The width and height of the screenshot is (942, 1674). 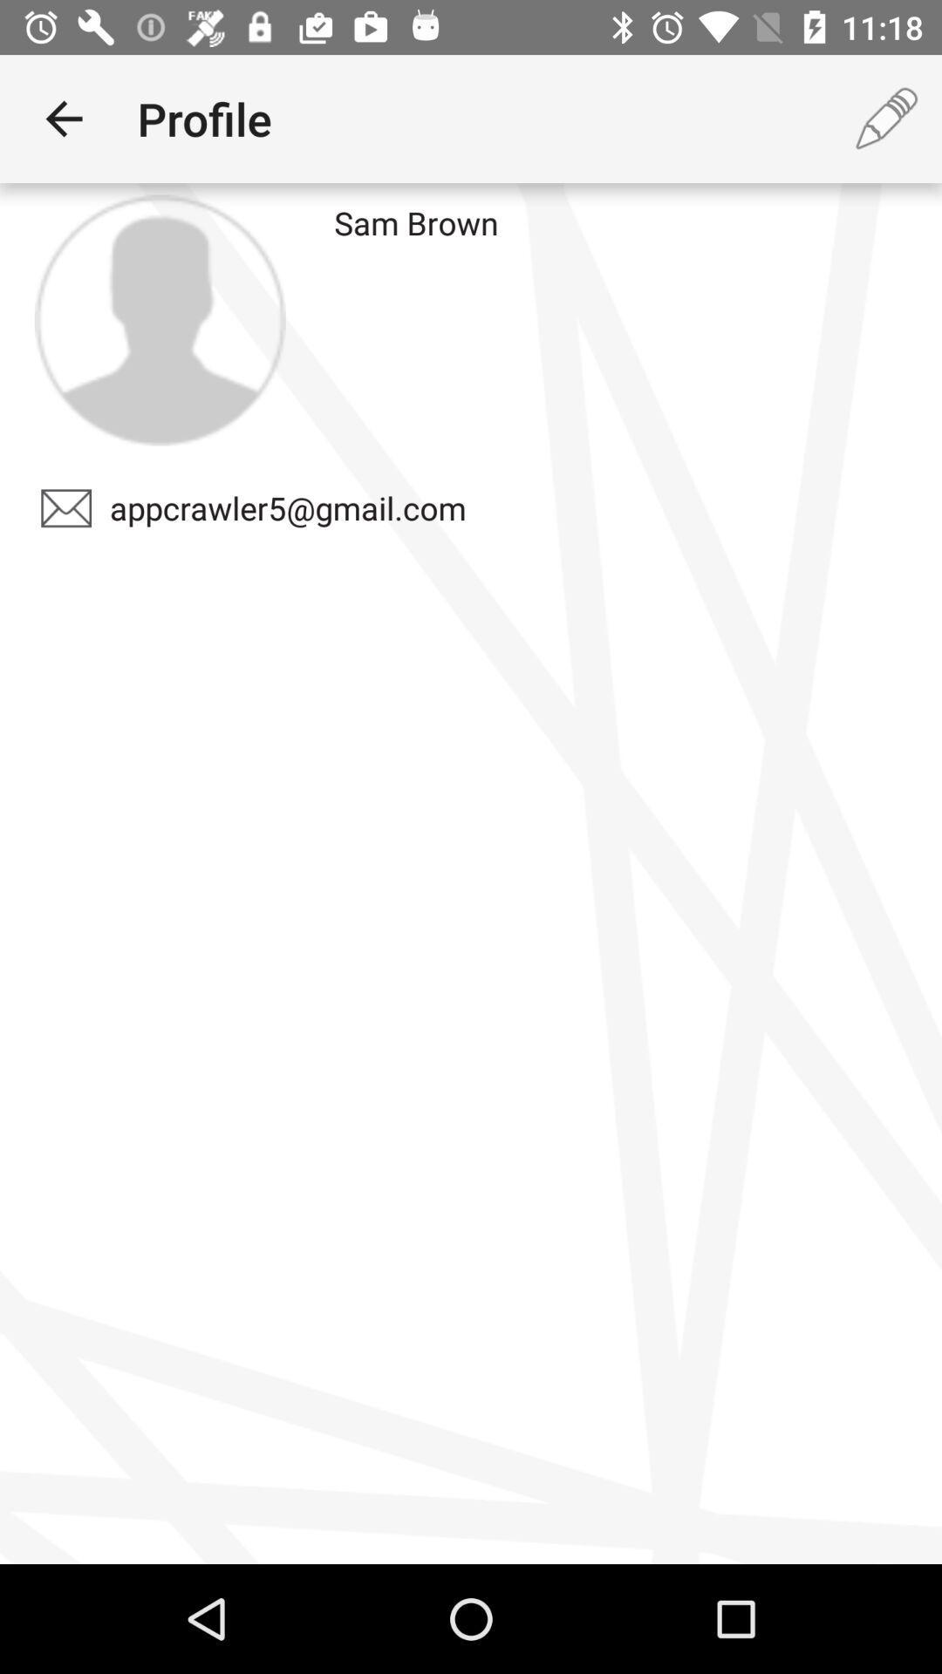 What do you see at coordinates (160, 320) in the screenshot?
I see `the item to the left of the sam brown` at bounding box center [160, 320].